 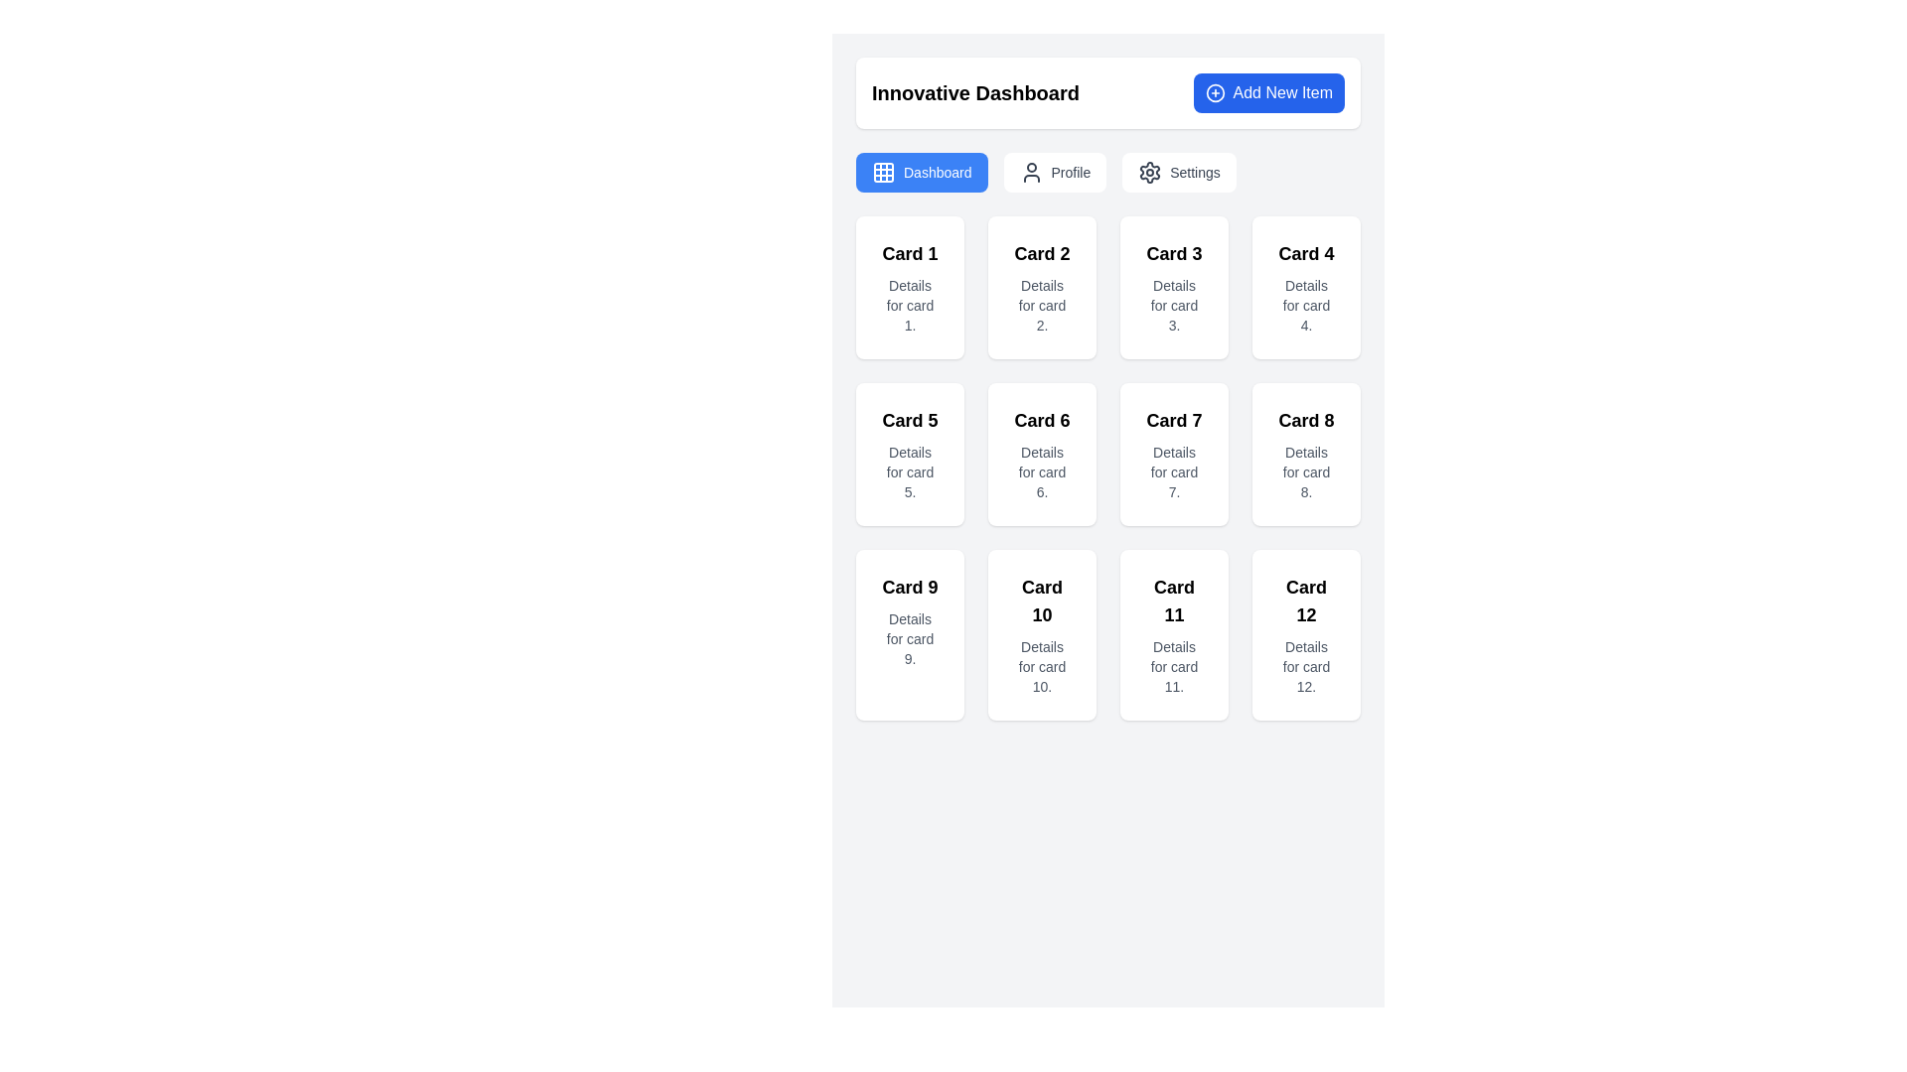 What do you see at coordinates (1179, 171) in the screenshot?
I see `the settings button located in the top center section of the navigation bar to observe the hover effect` at bounding box center [1179, 171].